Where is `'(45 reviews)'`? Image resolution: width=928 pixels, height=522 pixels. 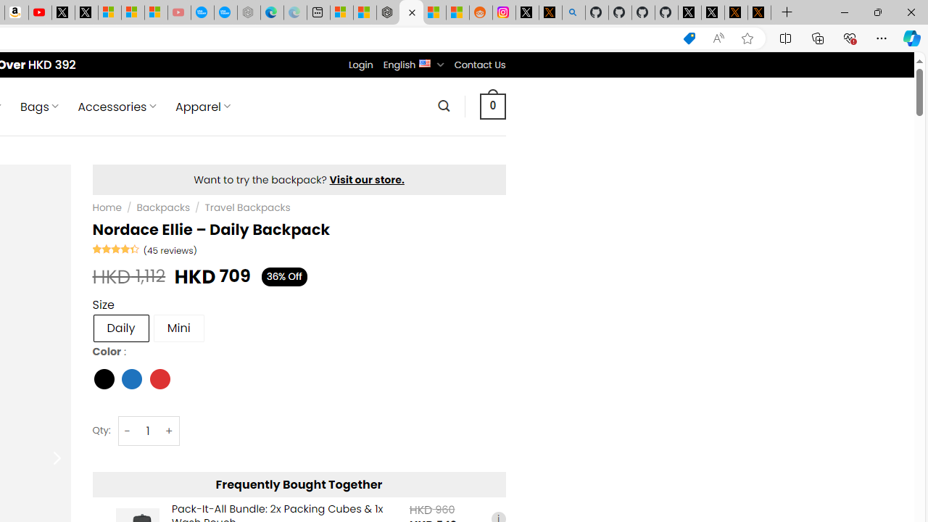
'(45 reviews)' is located at coordinates (170, 249).